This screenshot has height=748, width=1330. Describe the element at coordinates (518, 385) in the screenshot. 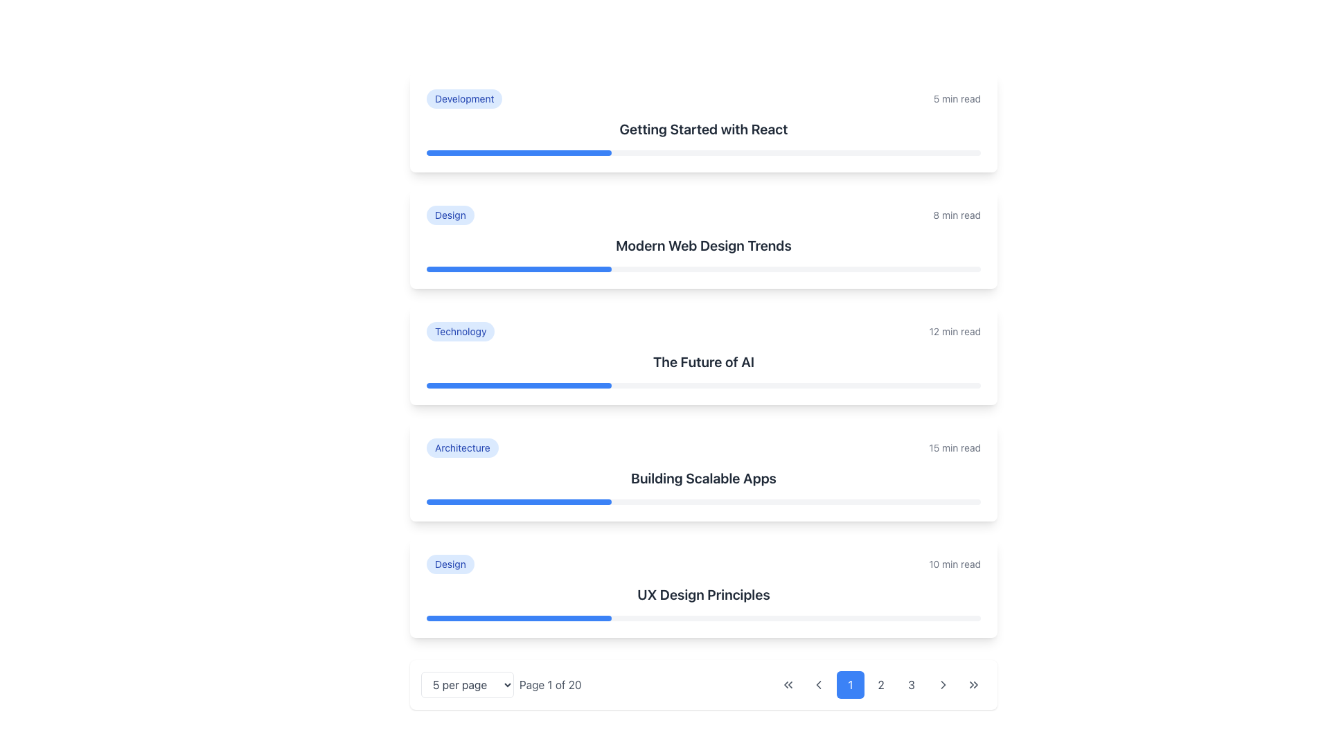

I see `the progress visually by interacting with the progress bar segment indicating one-third completion, located in 'The Future of AI' section` at that location.